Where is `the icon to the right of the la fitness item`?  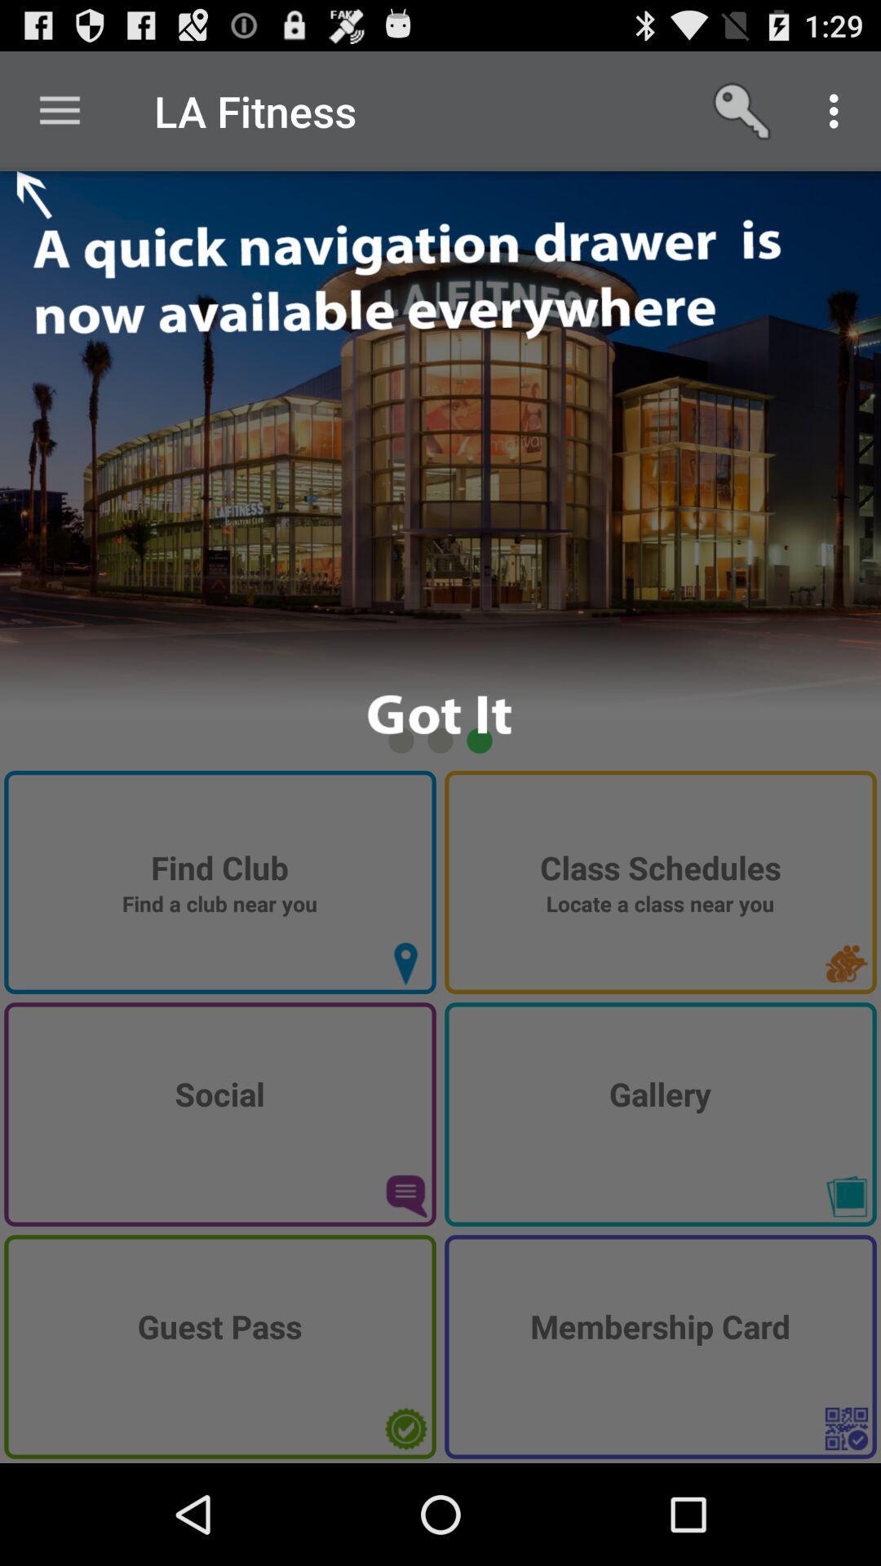
the icon to the right of the la fitness item is located at coordinates (743, 110).